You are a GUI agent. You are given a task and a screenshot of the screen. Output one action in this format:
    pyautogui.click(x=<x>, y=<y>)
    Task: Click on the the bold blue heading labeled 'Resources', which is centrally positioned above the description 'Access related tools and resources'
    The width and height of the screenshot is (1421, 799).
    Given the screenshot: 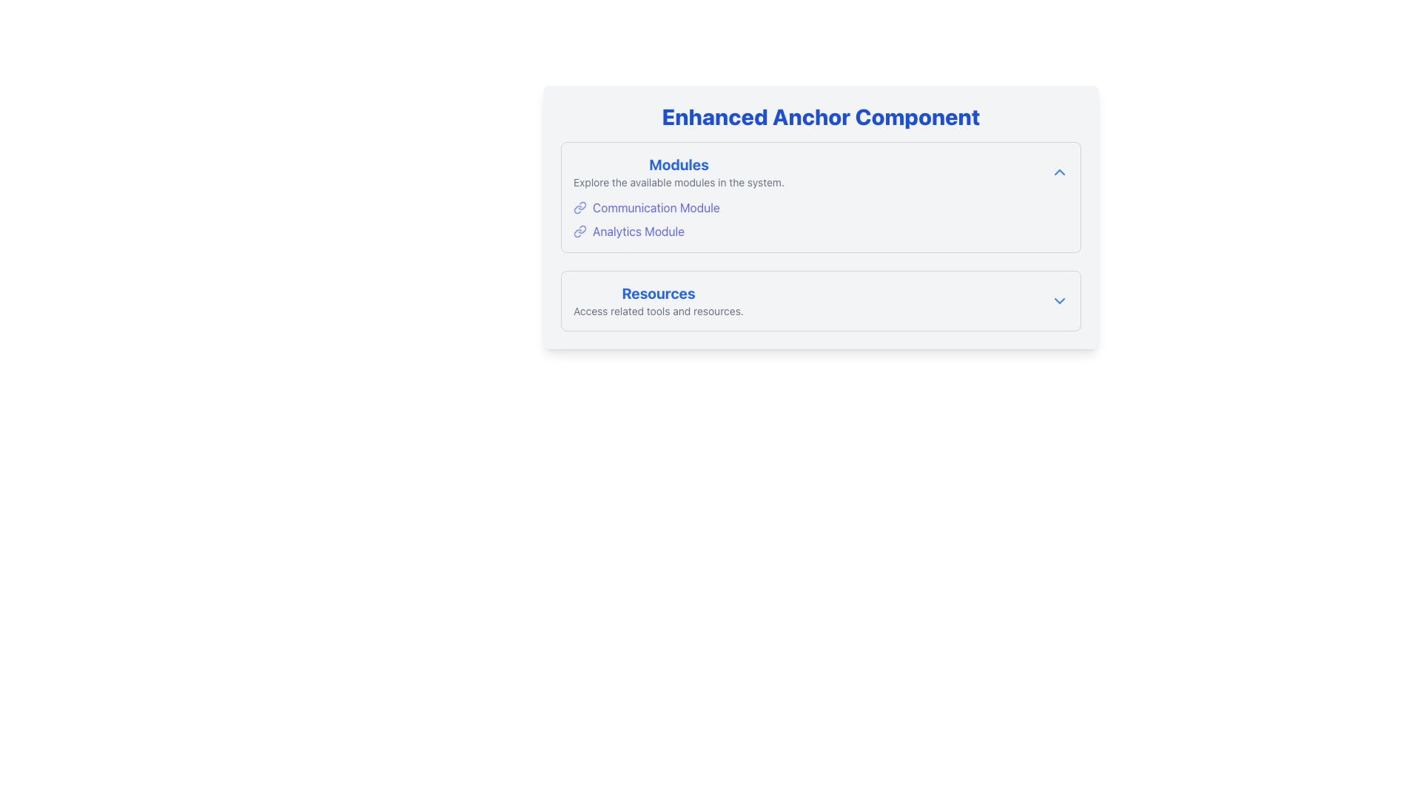 What is the action you would take?
    pyautogui.click(x=657, y=294)
    